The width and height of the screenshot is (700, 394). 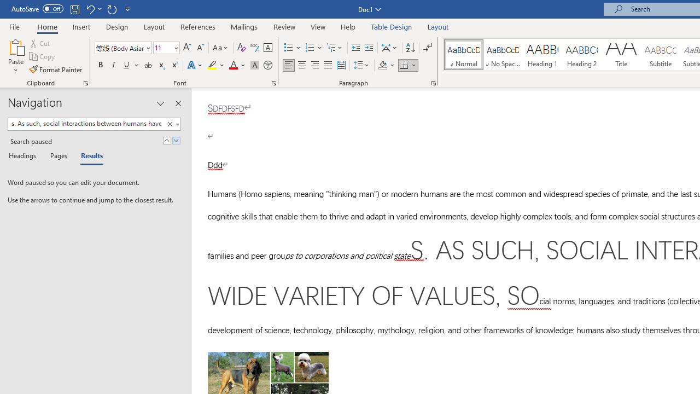 What do you see at coordinates (166, 140) in the screenshot?
I see `'Previous Result'` at bounding box center [166, 140].